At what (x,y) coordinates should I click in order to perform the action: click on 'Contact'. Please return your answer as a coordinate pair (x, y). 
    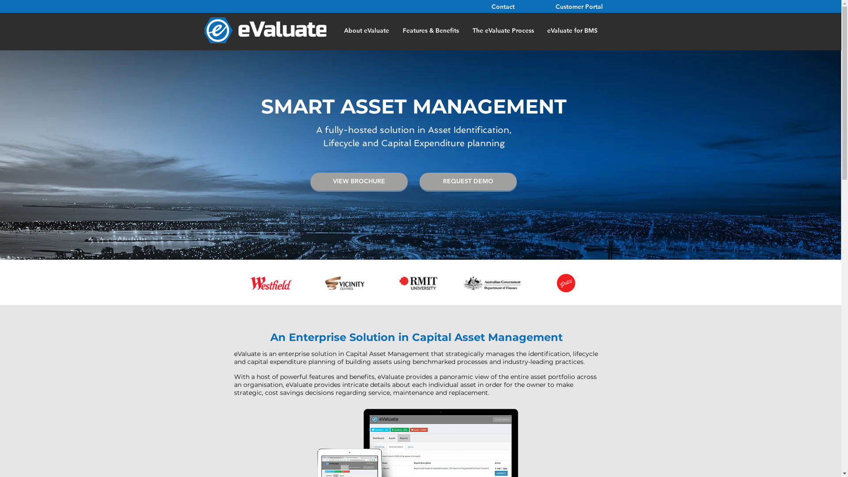
    Looking at the image, I should click on (472, 6).